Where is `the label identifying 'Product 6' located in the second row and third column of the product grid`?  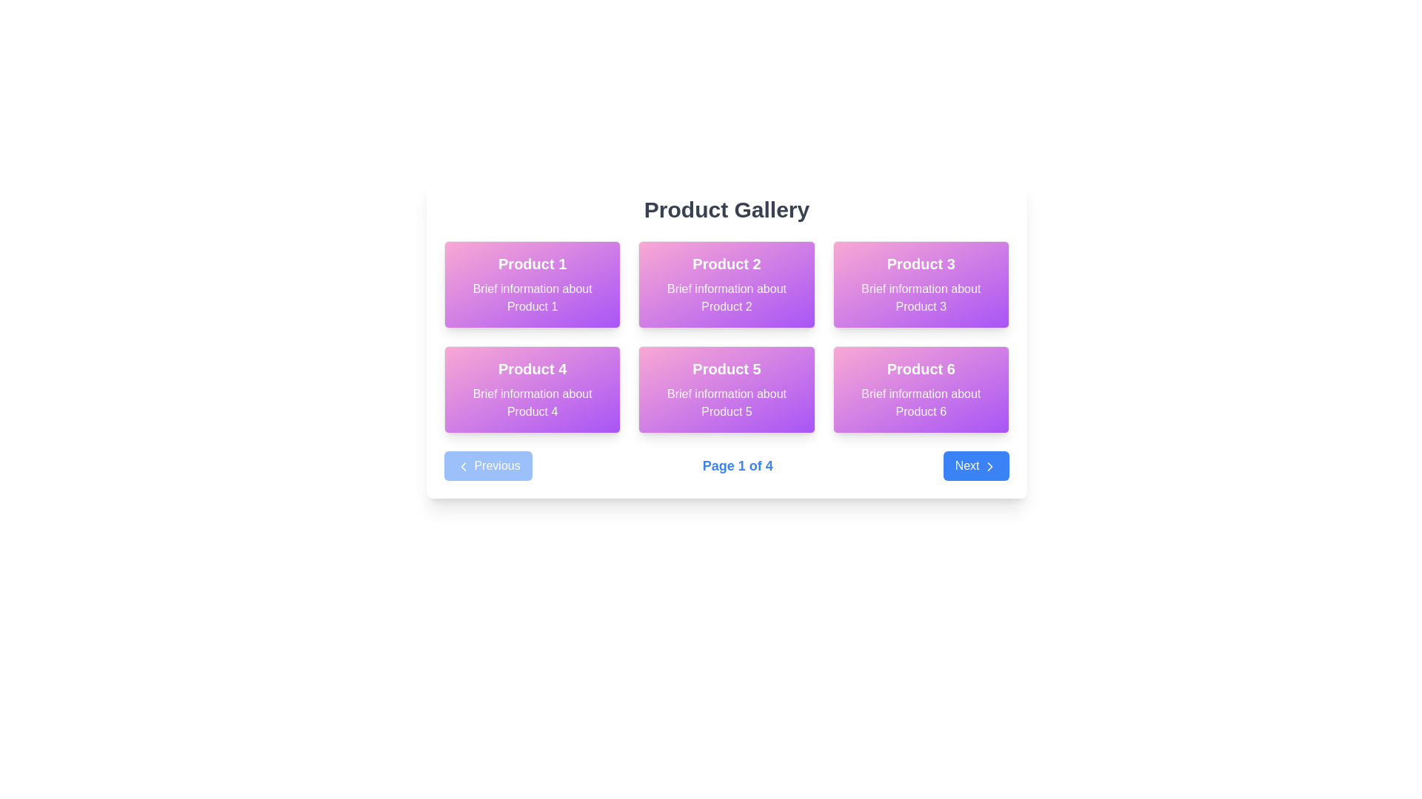 the label identifying 'Product 6' located in the second row and third column of the product grid is located at coordinates (920, 368).